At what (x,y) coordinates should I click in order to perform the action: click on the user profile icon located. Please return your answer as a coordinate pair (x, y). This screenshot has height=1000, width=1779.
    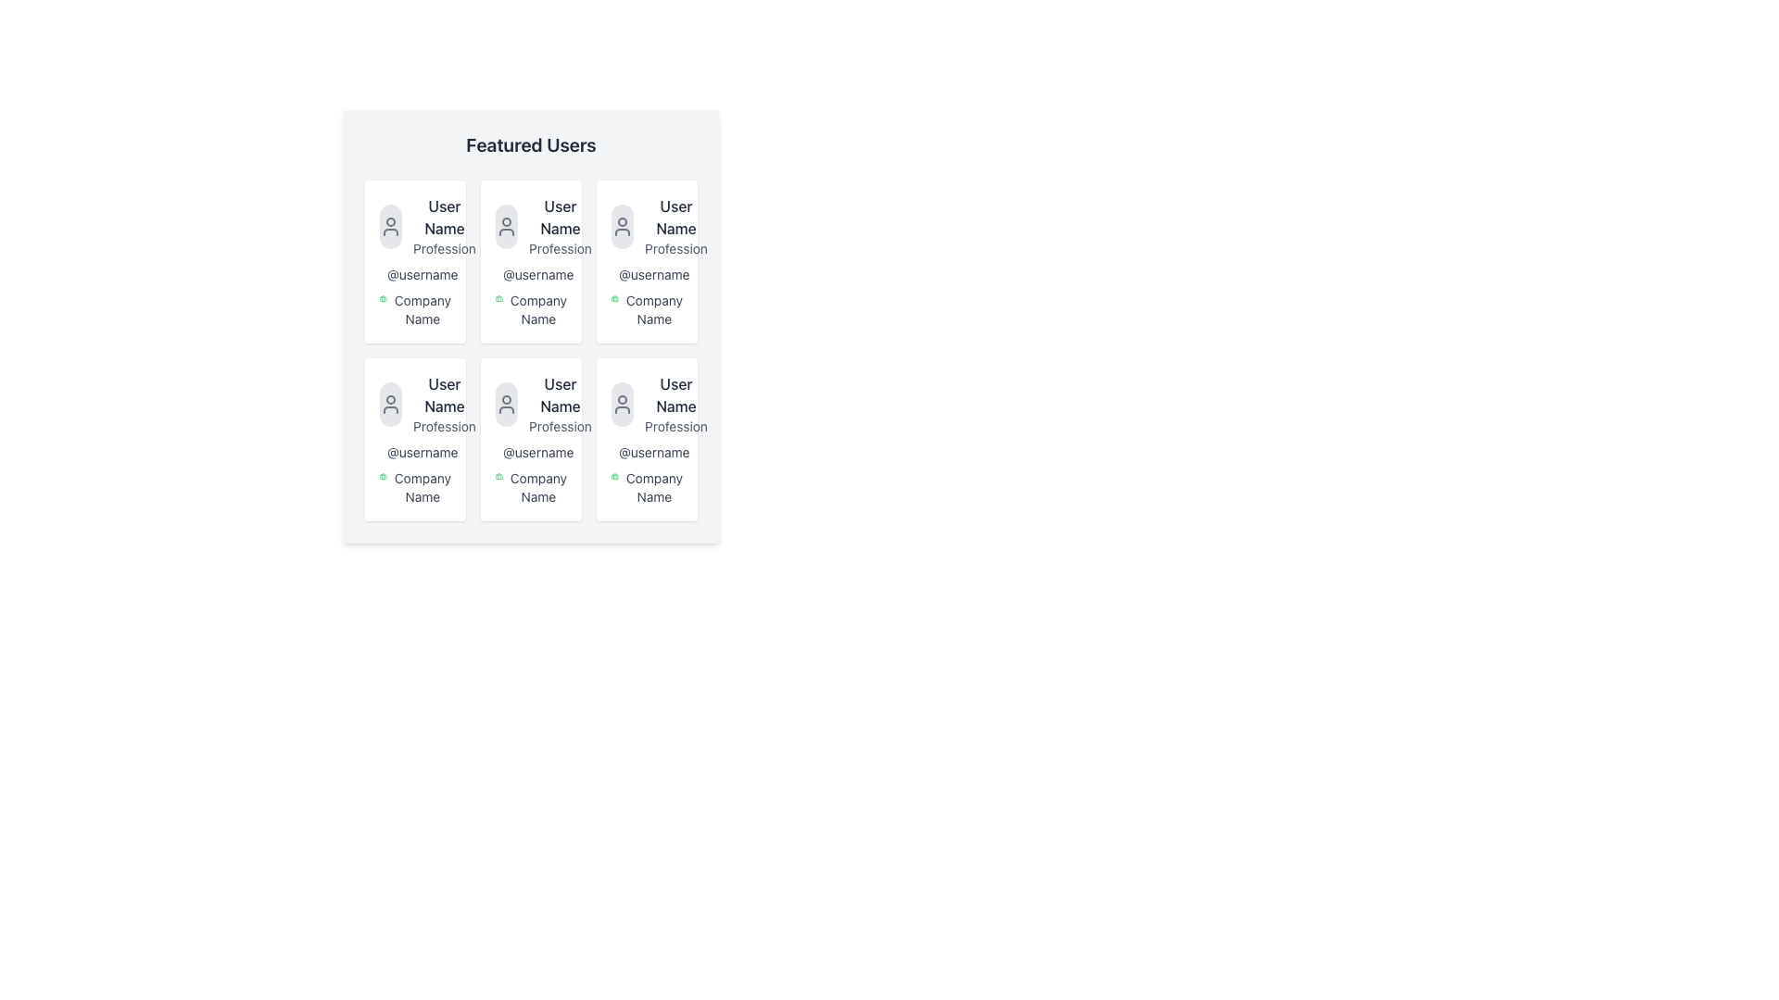
    Looking at the image, I should click on (390, 403).